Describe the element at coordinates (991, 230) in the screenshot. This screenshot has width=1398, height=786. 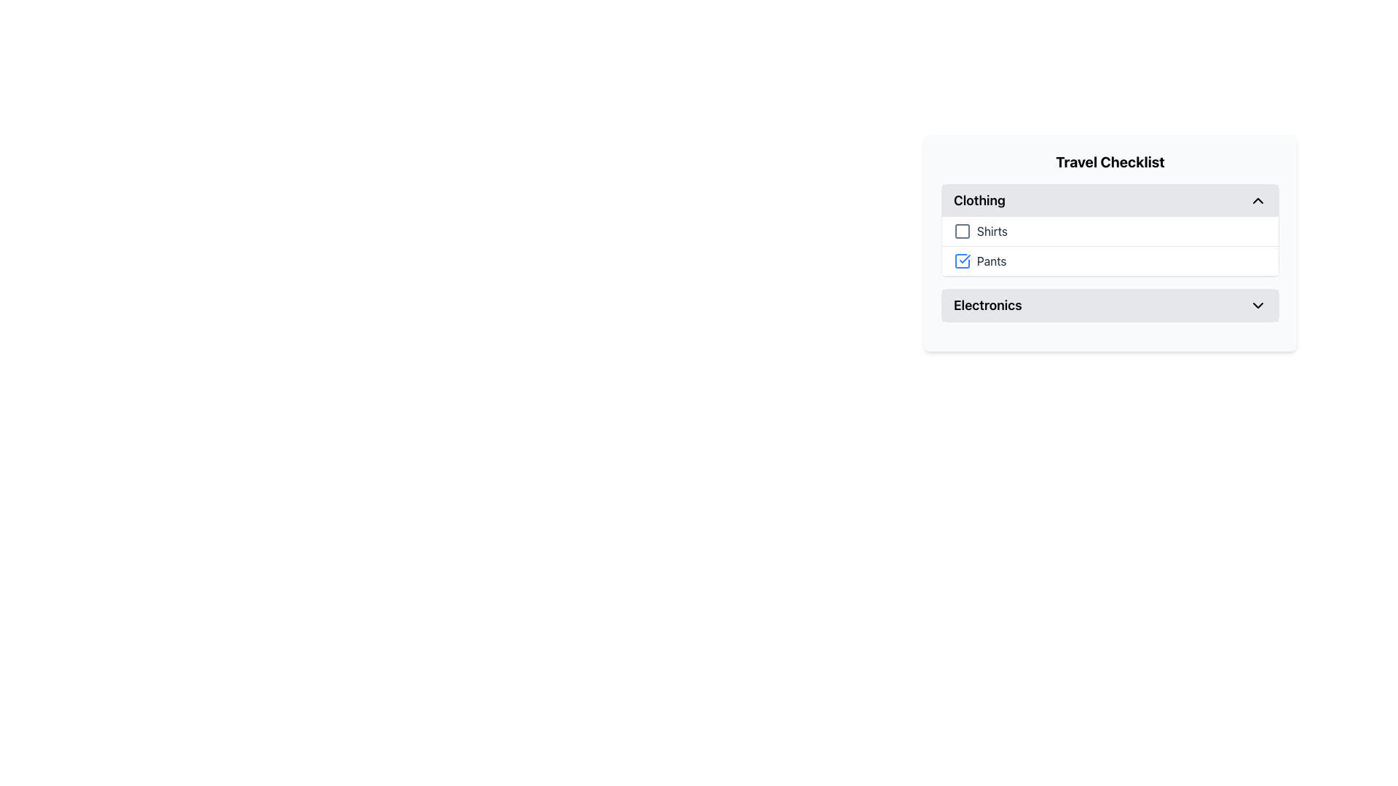
I see `the checkbox to the left of the 'Shirts' label in the second row of the 'Clothing' dropdown checklist` at that location.